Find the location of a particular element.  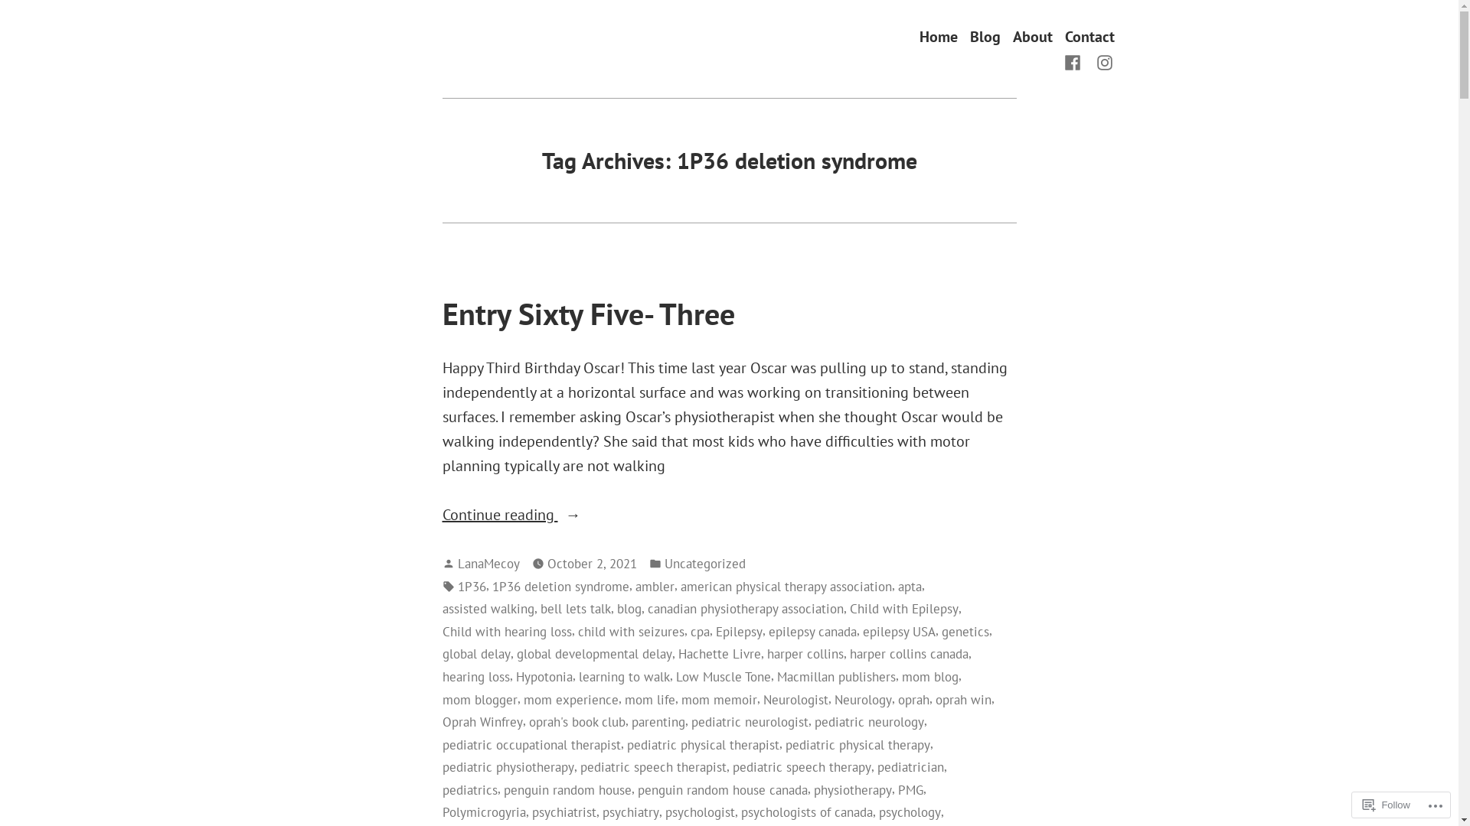

'Polymicrogyria' is located at coordinates (441, 811).